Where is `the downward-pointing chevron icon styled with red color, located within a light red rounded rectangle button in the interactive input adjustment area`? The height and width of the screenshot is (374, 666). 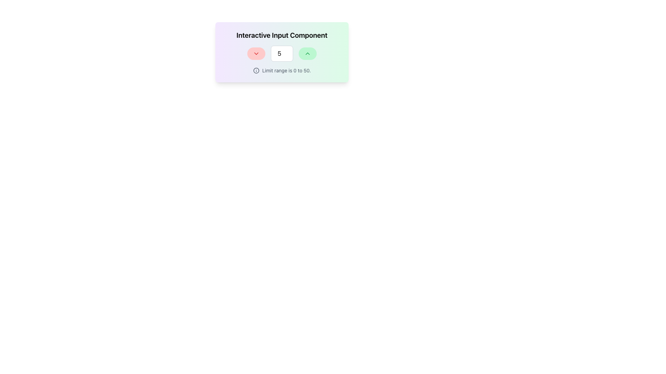
the downward-pointing chevron icon styled with red color, located within a light red rounded rectangle button in the interactive input adjustment area is located at coordinates (256, 53).